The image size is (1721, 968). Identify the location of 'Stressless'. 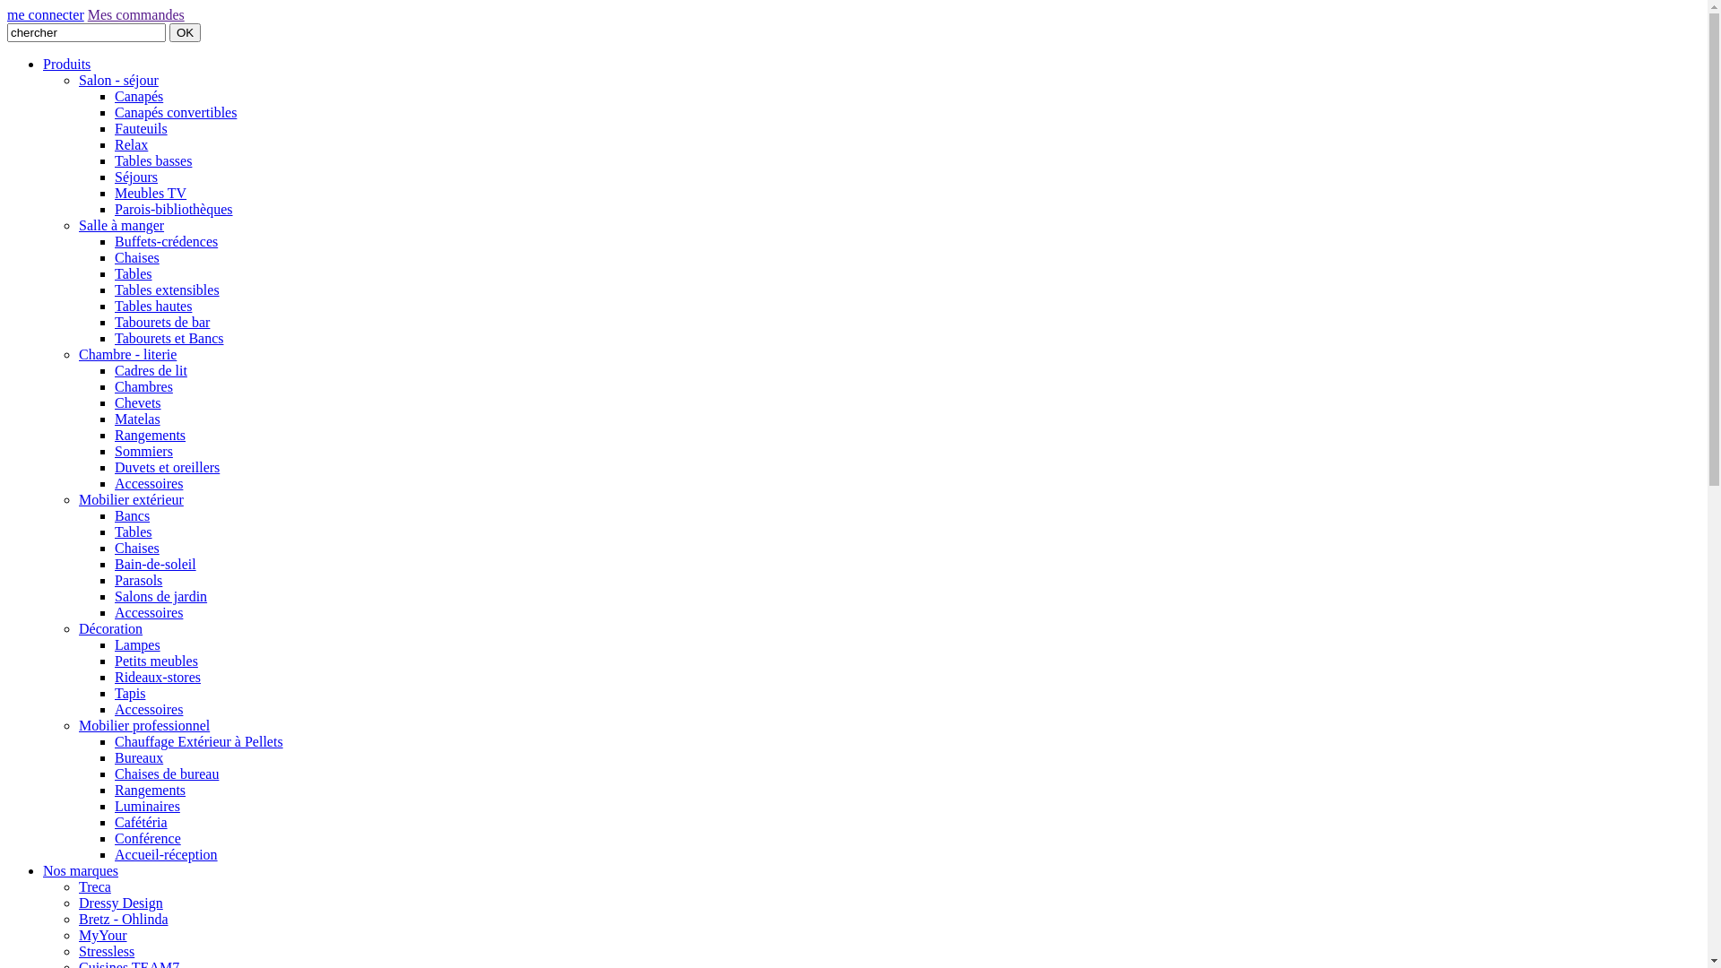
(106, 950).